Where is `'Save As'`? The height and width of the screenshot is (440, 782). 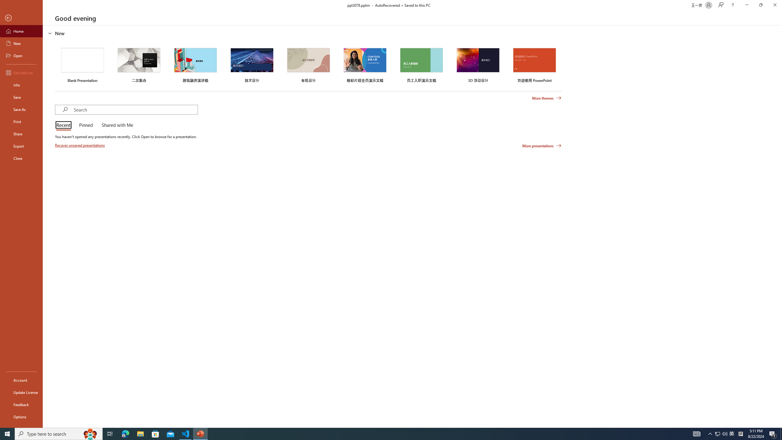
'Save As' is located at coordinates (21, 109).